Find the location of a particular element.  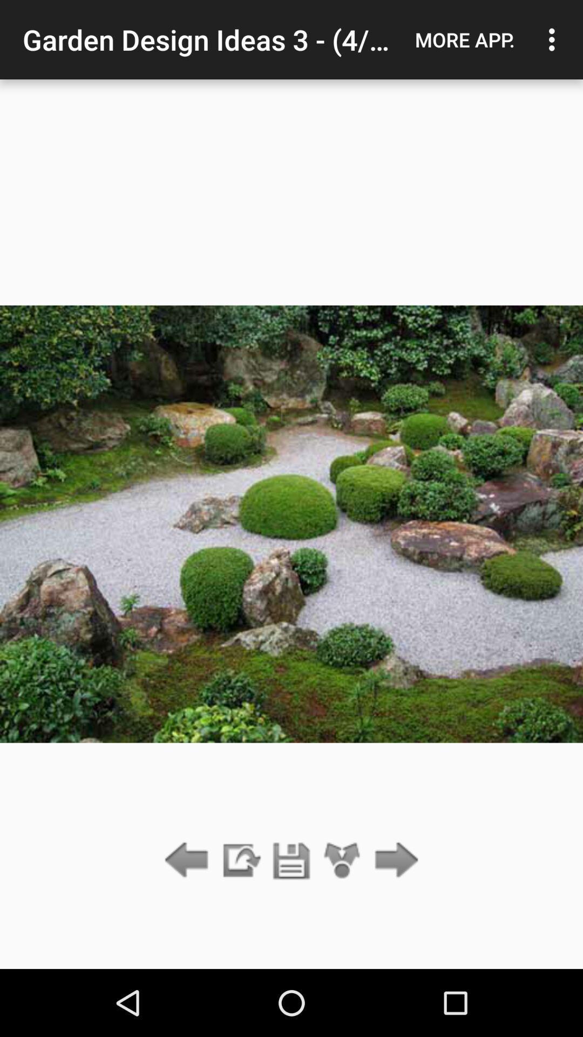

the arrow_forward icon is located at coordinates (394, 860).